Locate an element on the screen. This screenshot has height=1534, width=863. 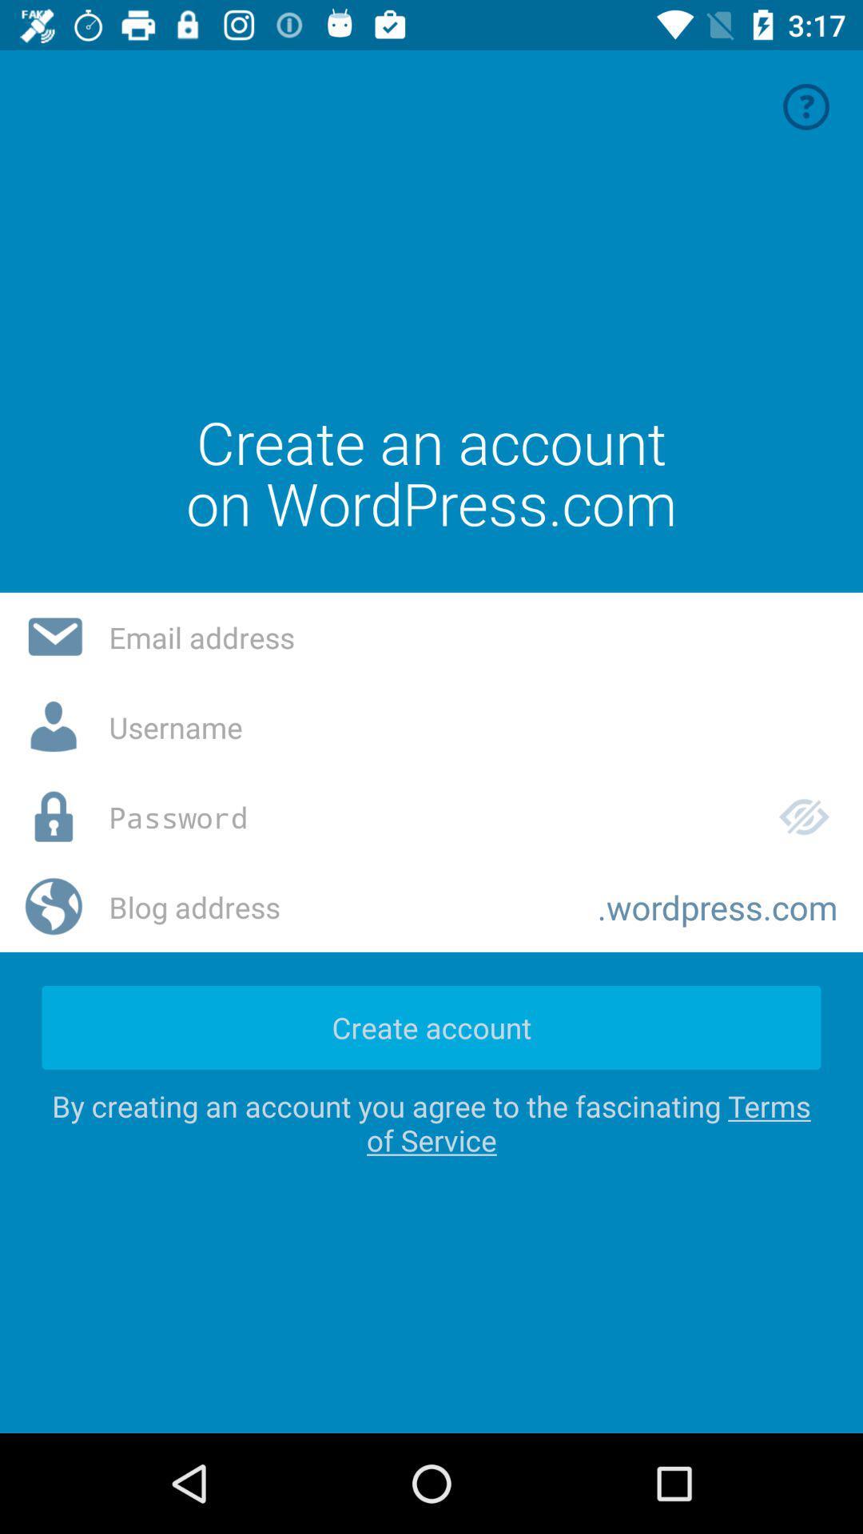
the icon to the left of the .wordpress.com is located at coordinates (340, 907).